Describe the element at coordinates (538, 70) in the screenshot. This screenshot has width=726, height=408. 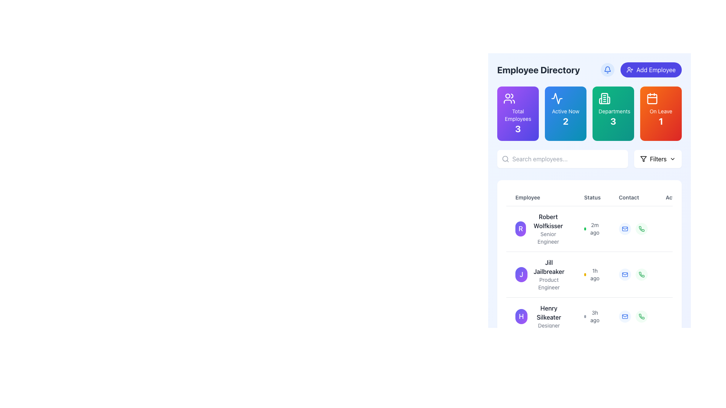
I see `text label that serves as the section title for the employee directory, positioned at the top-left of the content area` at that location.